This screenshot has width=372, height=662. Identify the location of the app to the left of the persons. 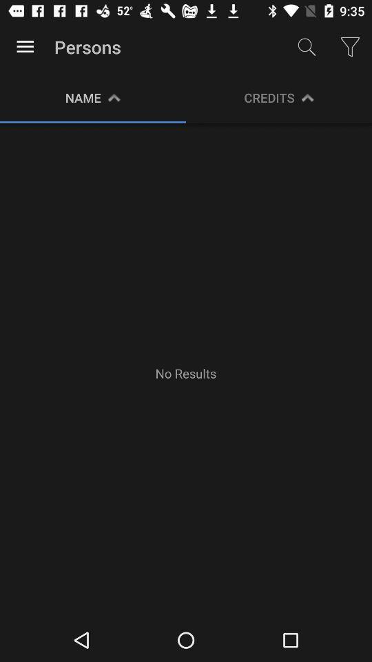
(25, 47).